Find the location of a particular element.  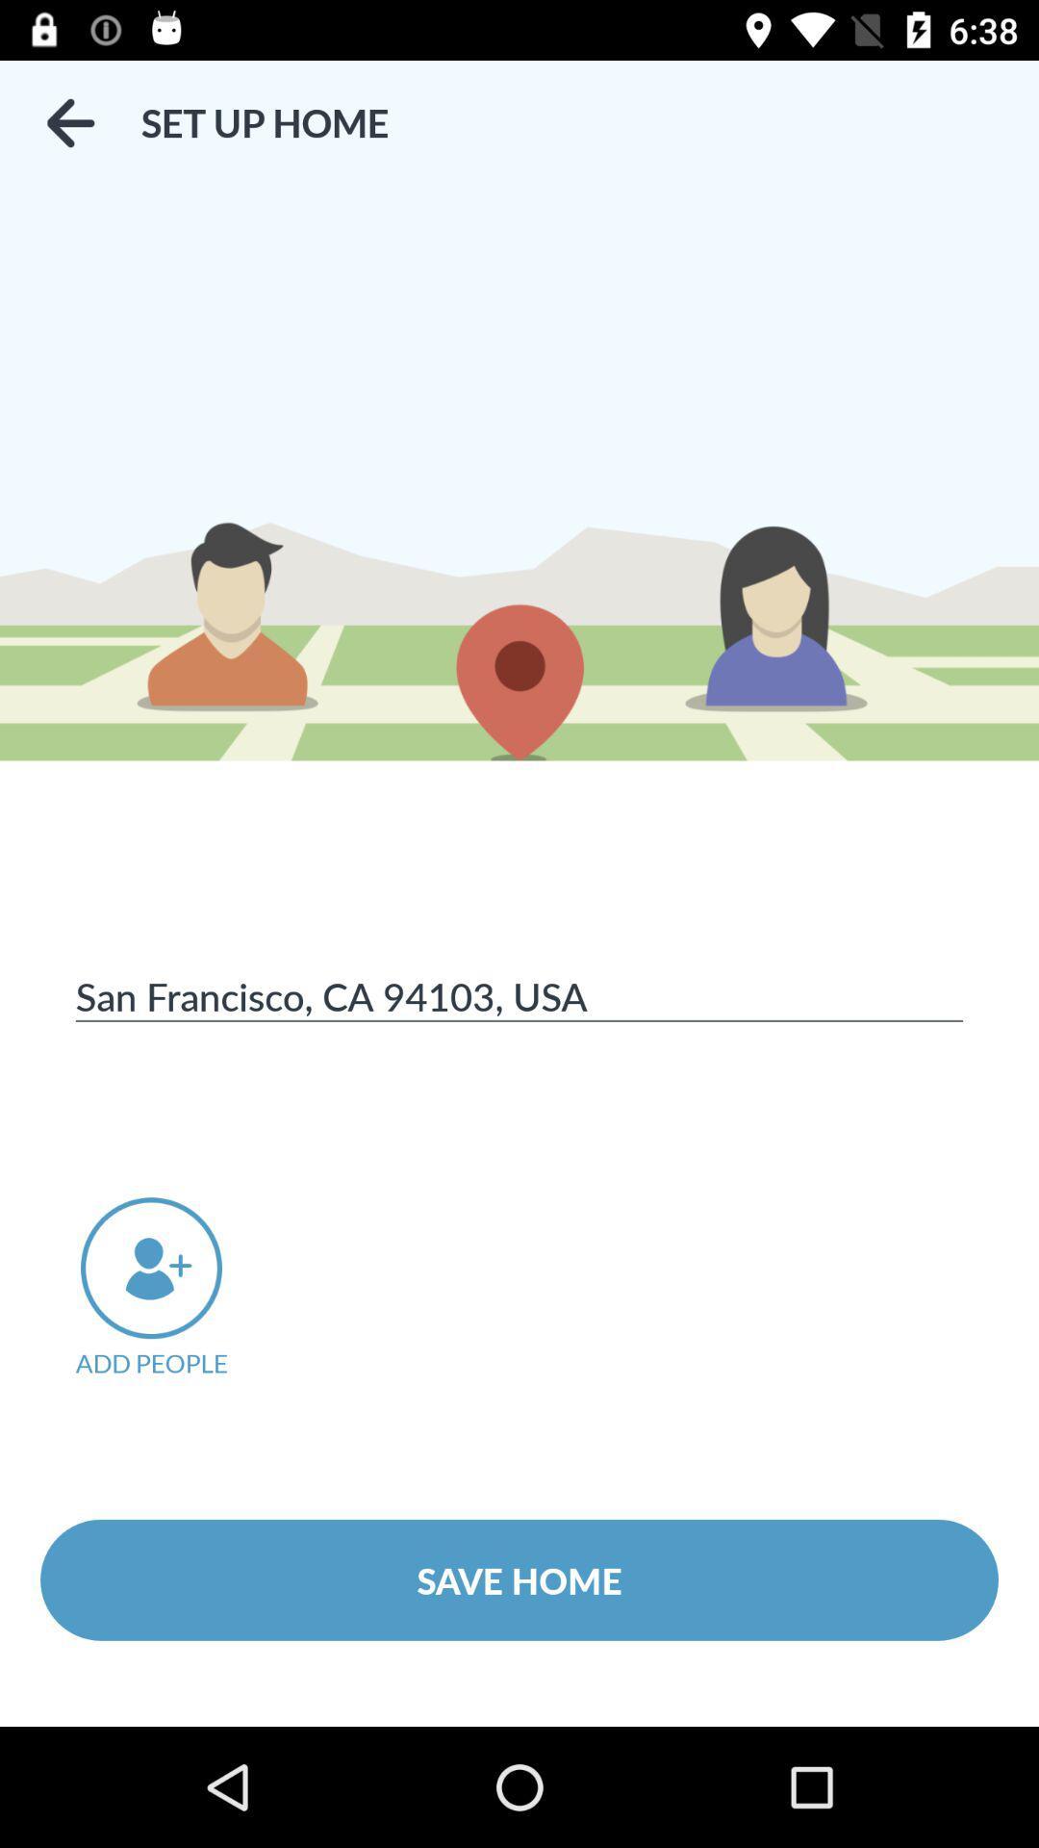

the san francisco ca is located at coordinates (519, 995).